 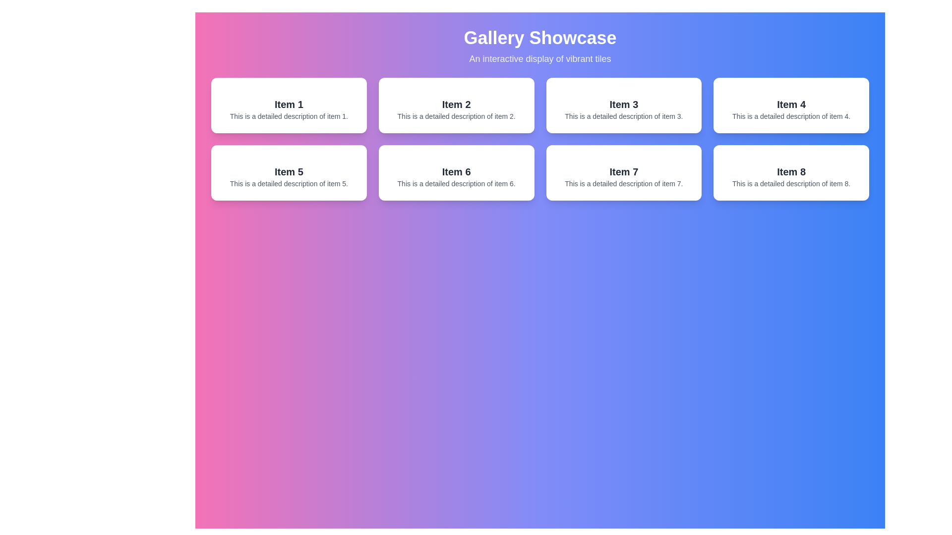 What do you see at coordinates (623, 171) in the screenshot?
I see `the title text element labeled 'Item 7' which is located in the third row and second column of the card layout, serving as a concise identifier for the card's content` at bounding box center [623, 171].